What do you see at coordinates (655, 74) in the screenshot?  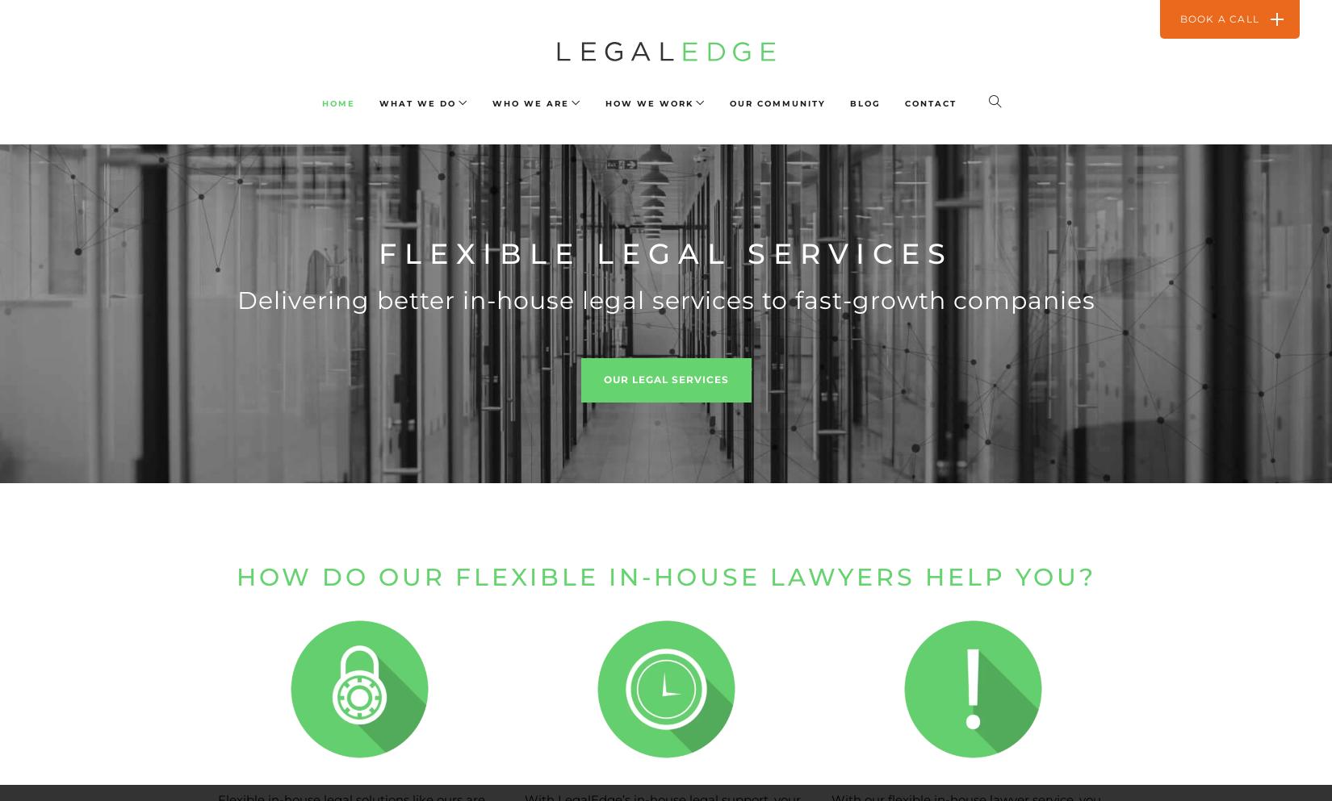 I see `'are closed quicker, getting revenue in faster. Your legal budget is under control, avoiding nasty surprises. Your people, assets and brand are protected.'` at bounding box center [655, 74].